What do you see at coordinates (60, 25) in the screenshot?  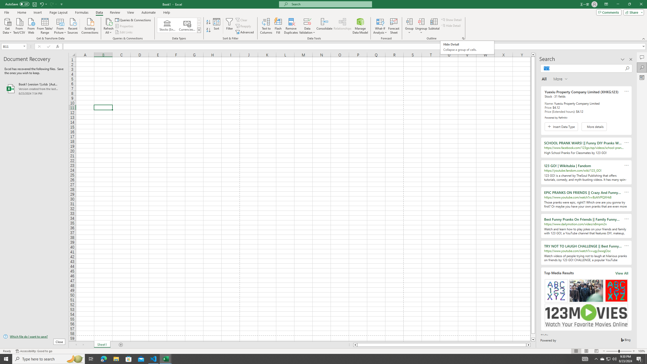 I see `'From Picture'` at bounding box center [60, 25].